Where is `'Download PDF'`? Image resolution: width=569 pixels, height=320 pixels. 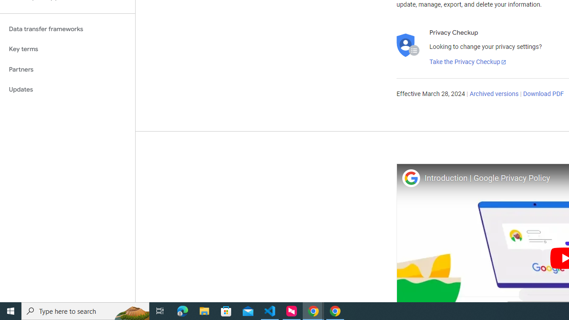
'Download PDF' is located at coordinates (543, 94).